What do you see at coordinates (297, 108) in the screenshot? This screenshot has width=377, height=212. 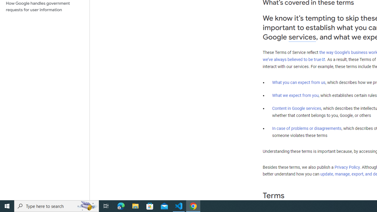 I see `'Content in Google services'` at bounding box center [297, 108].